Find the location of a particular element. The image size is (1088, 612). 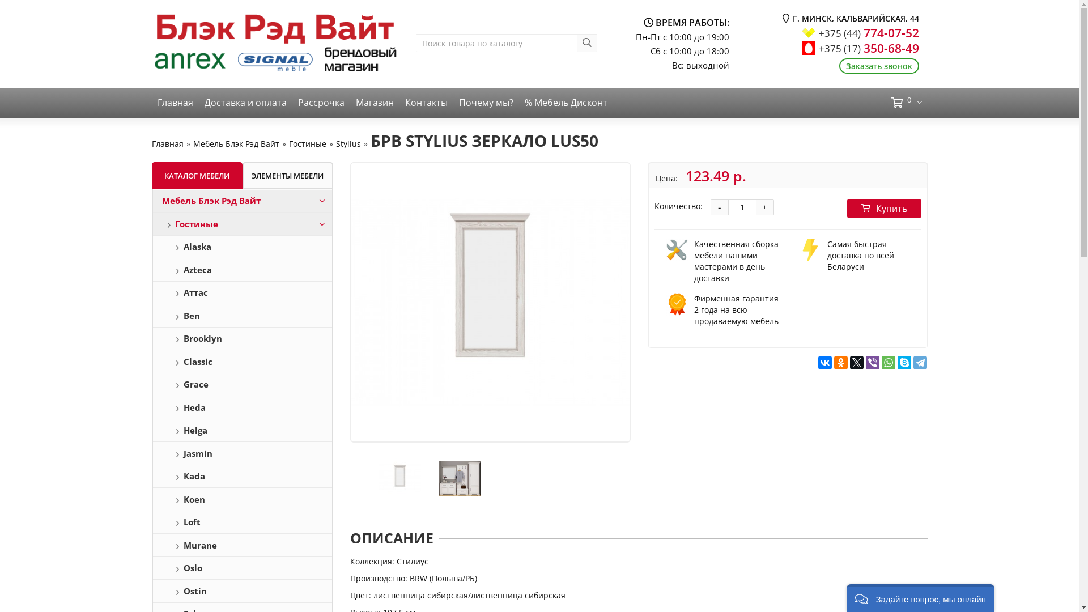

'Stylius' is located at coordinates (347, 143).